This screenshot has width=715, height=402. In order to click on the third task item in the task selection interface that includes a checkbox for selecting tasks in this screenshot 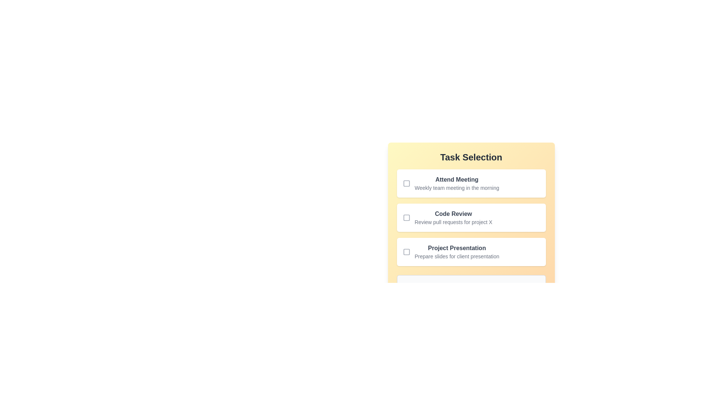, I will do `click(471, 252)`.